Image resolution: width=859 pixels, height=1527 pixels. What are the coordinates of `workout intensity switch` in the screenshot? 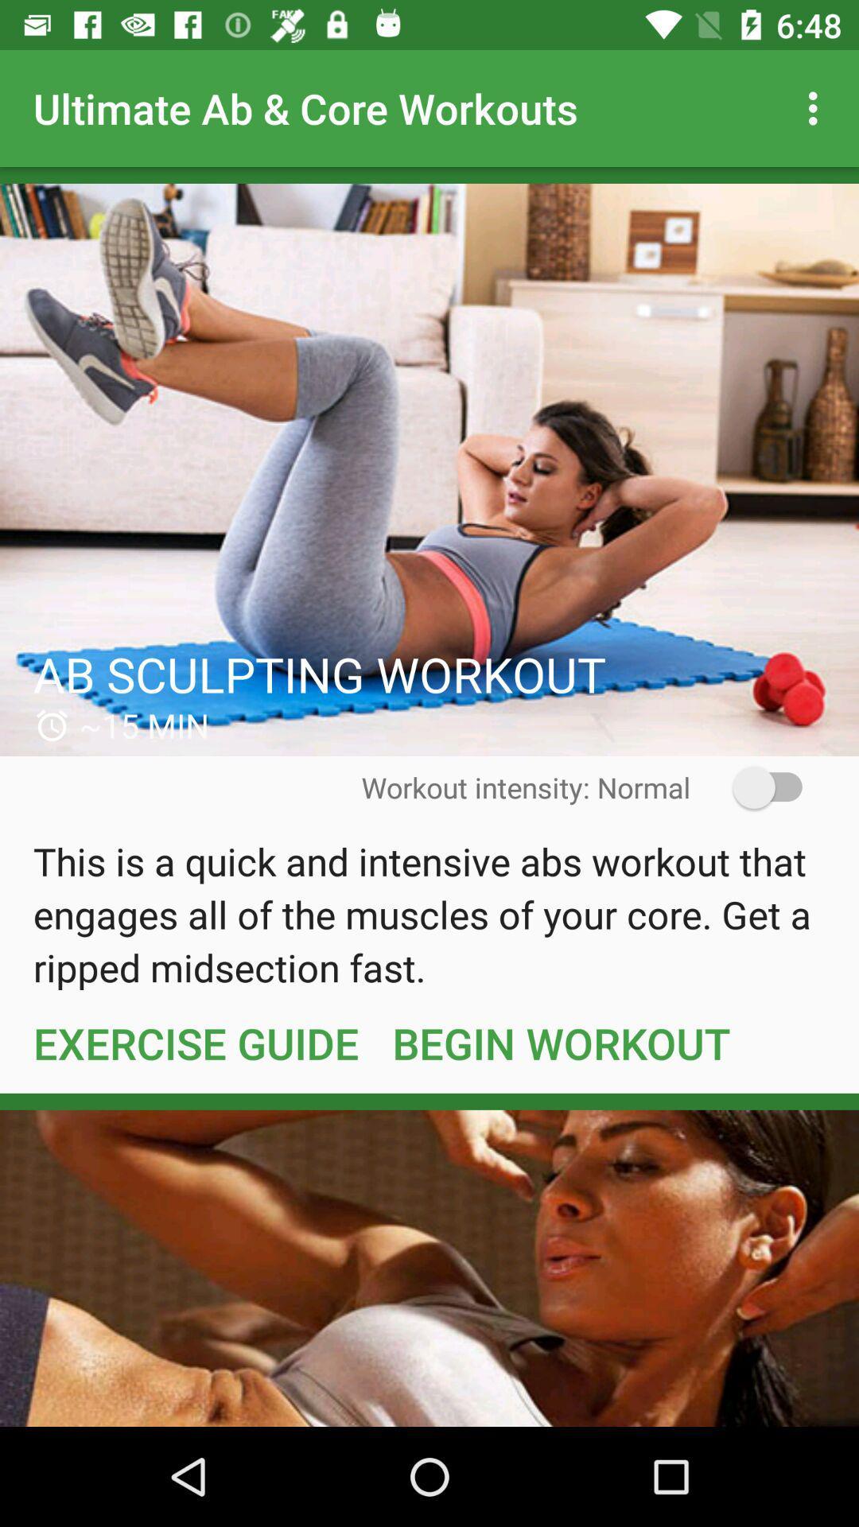 It's located at (756, 787).